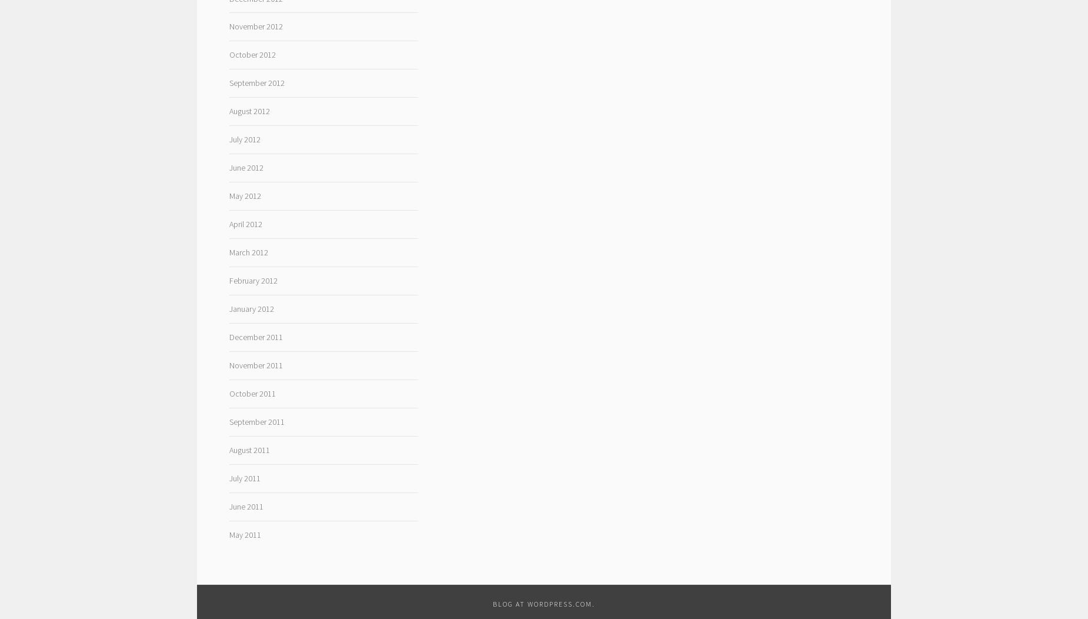  What do you see at coordinates (228, 534) in the screenshot?
I see `'May 2011'` at bounding box center [228, 534].